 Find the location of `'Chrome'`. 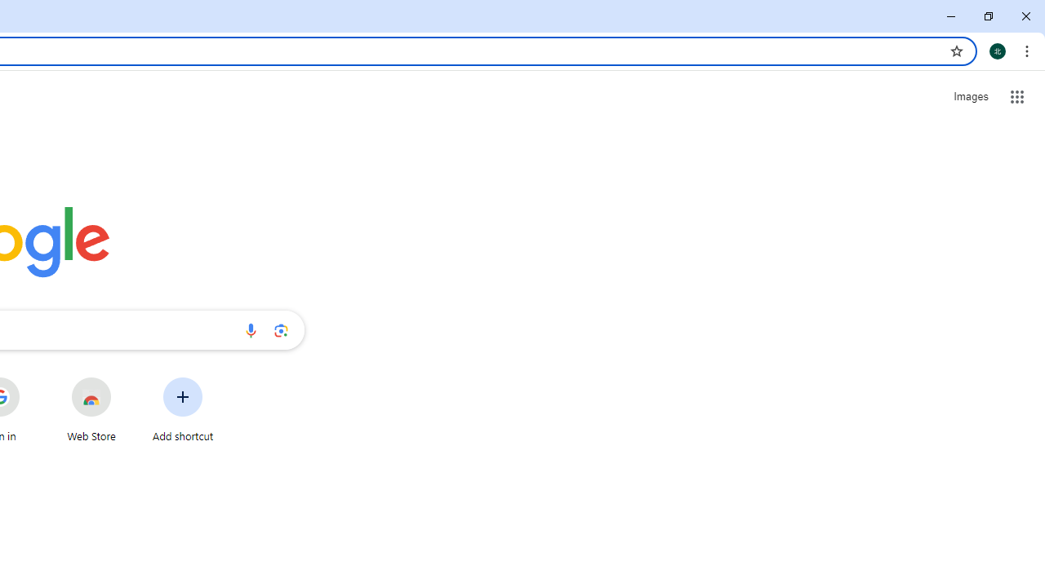

'Chrome' is located at coordinates (1028, 50).